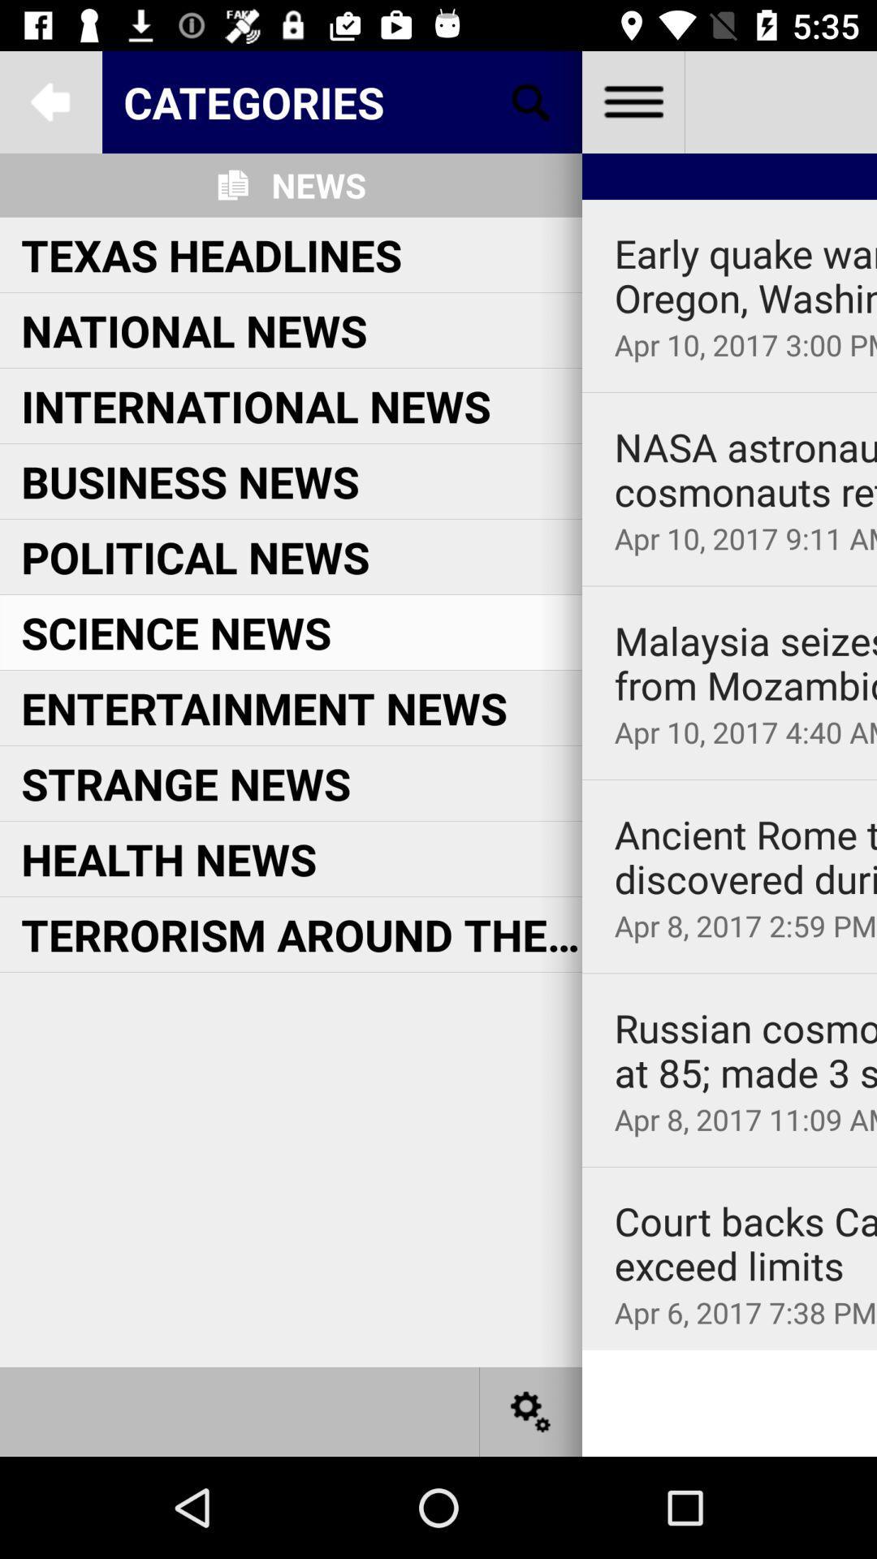 The height and width of the screenshot is (1559, 877). What do you see at coordinates (531, 1410) in the screenshot?
I see `settings` at bounding box center [531, 1410].